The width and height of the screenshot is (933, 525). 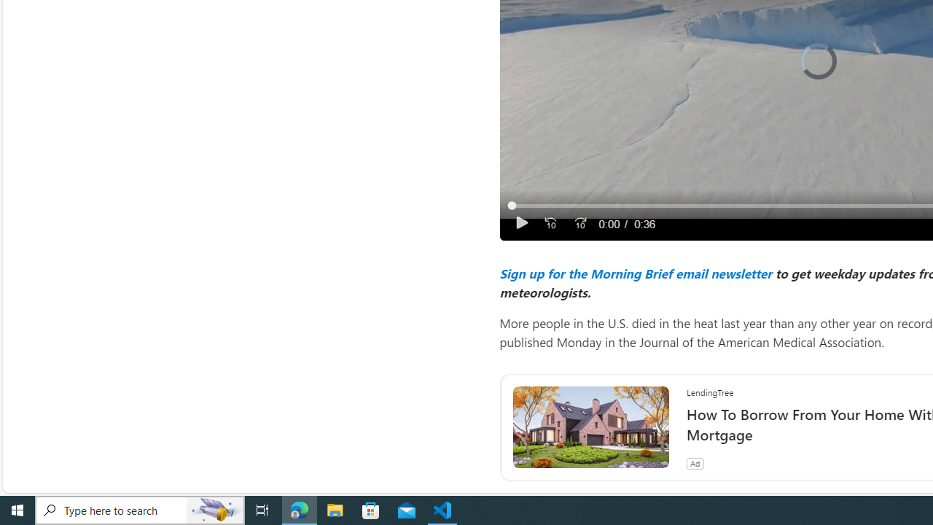 What do you see at coordinates (521, 223) in the screenshot?
I see `'Play'` at bounding box center [521, 223].